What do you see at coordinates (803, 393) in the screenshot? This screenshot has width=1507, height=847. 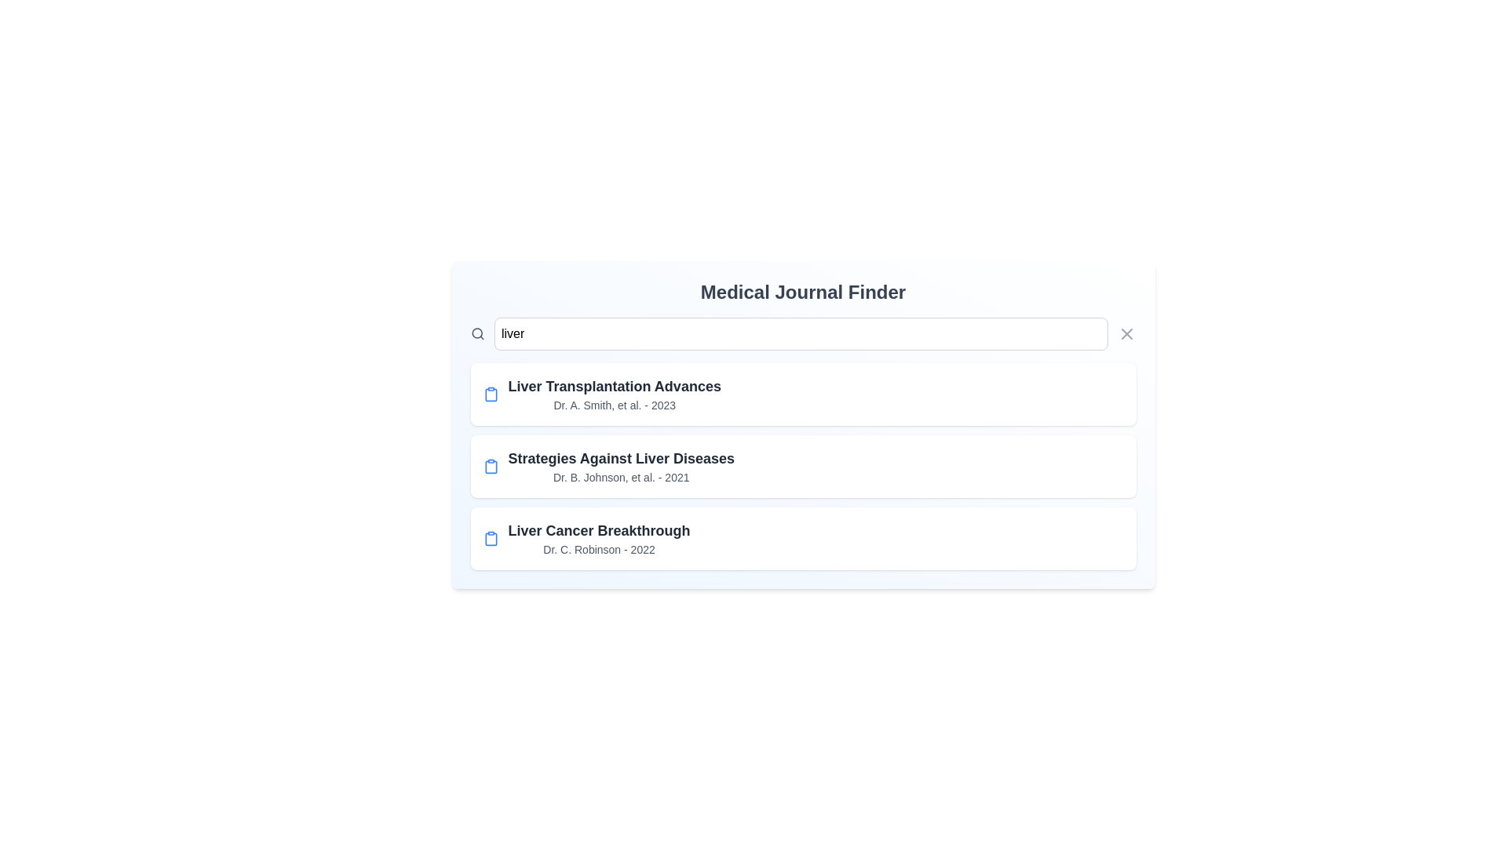 I see `the topmost card in the 'Medical Journal Finder' list to refer to details about the journal article entry` at bounding box center [803, 393].